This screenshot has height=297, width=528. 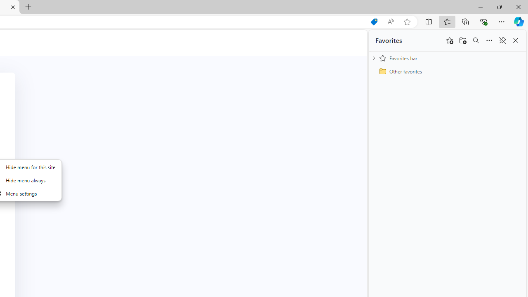 I want to click on 'Shopping in Microsoft Edge', so click(x=373, y=21).